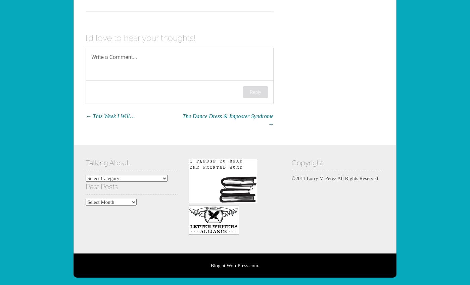  What do you see at coordinates (114, 116) in the screenshot?
I see `'Post navigation'` at bounding box center [114, 116].